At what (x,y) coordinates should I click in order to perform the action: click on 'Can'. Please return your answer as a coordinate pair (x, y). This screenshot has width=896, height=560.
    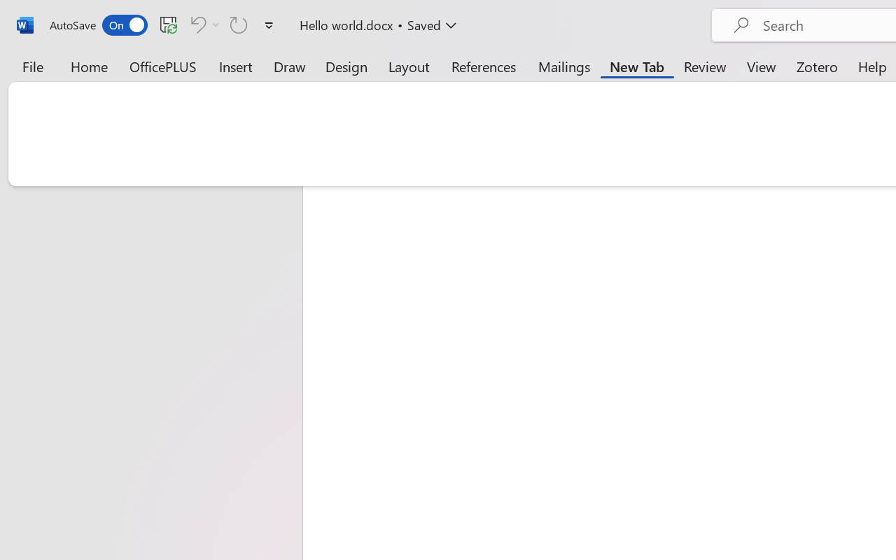
    Looking at the image, I should click on (202, 24).